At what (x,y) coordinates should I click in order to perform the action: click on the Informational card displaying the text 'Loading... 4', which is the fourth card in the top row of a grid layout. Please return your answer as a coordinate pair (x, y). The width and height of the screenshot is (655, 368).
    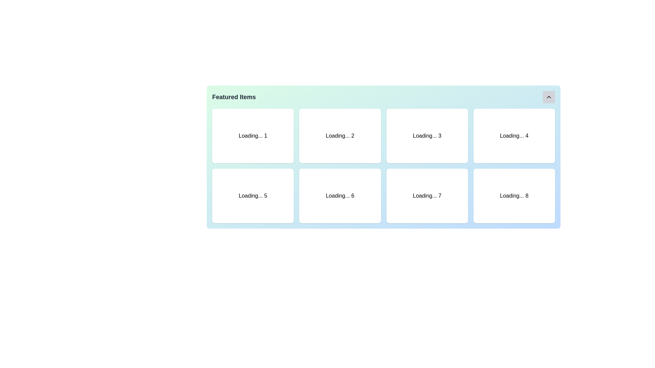
    Looking at the image, I should click on (514, 136).